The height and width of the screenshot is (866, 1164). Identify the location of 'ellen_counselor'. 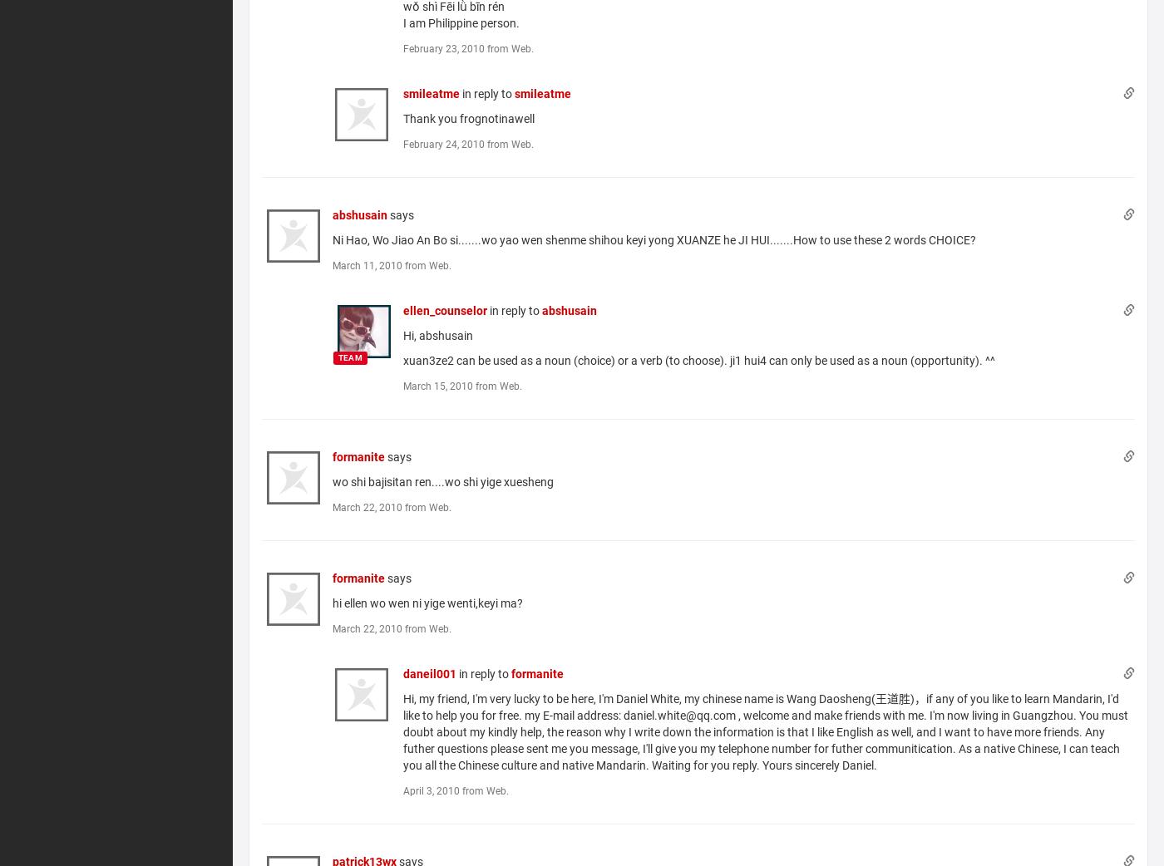
(445, 309).